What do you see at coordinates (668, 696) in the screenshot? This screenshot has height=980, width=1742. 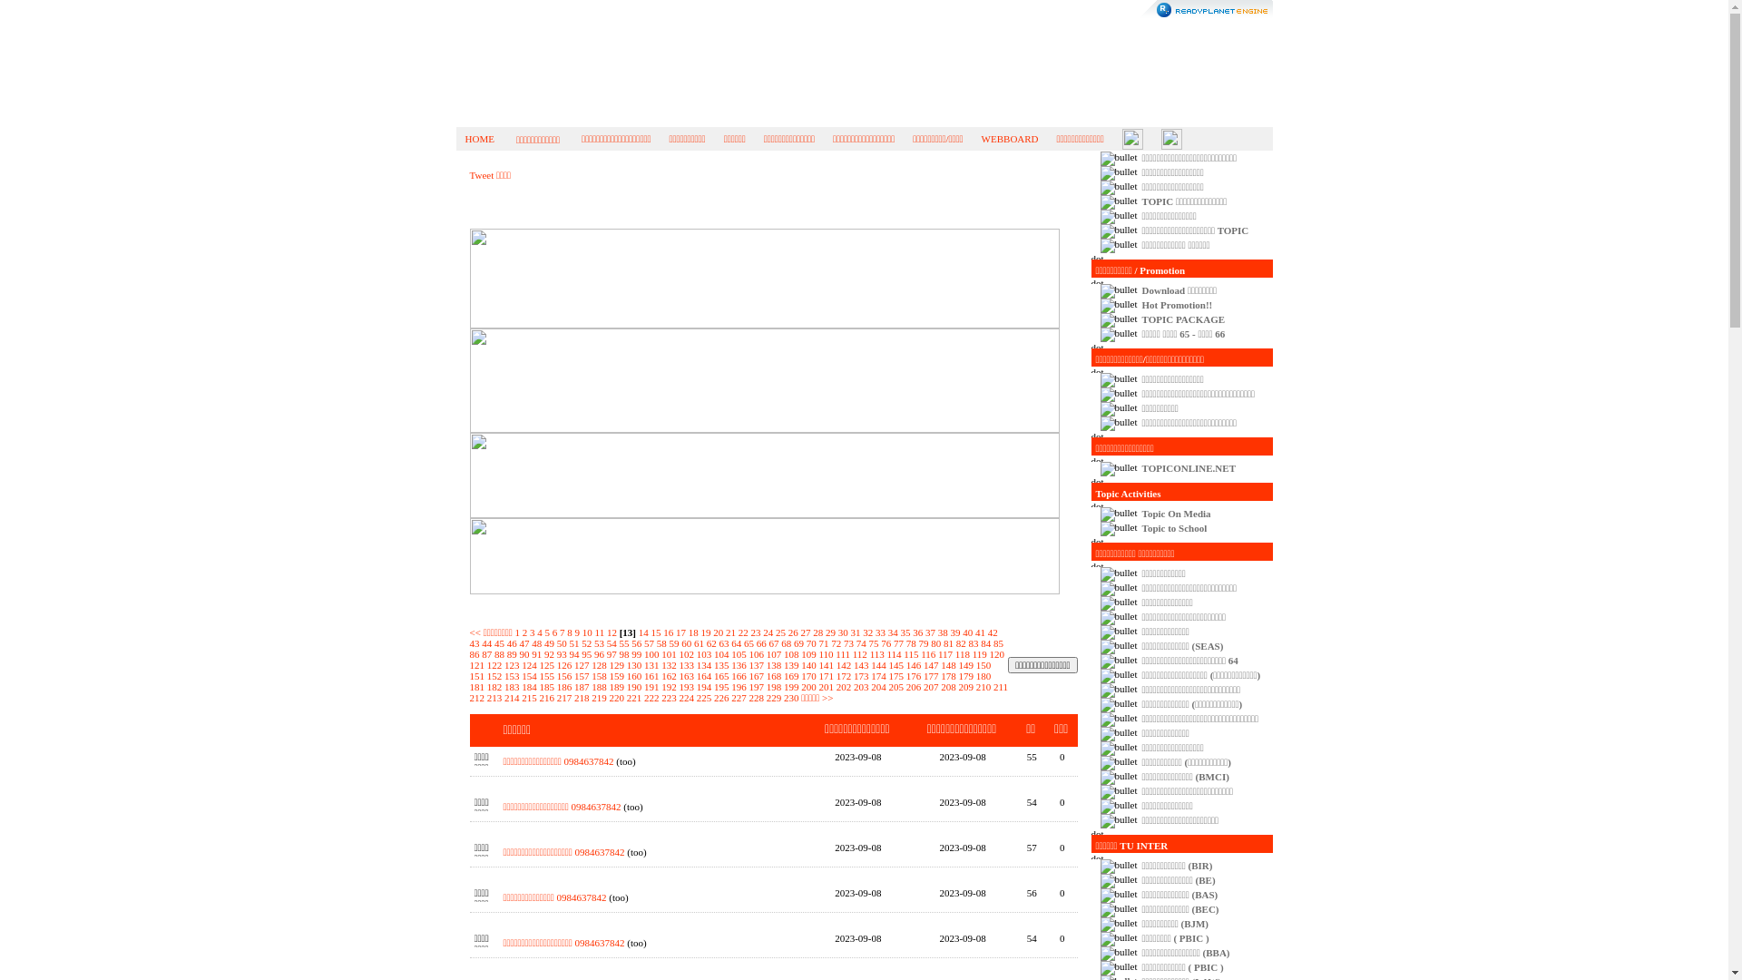 I see `'223'` at bounding box center [668, 696].